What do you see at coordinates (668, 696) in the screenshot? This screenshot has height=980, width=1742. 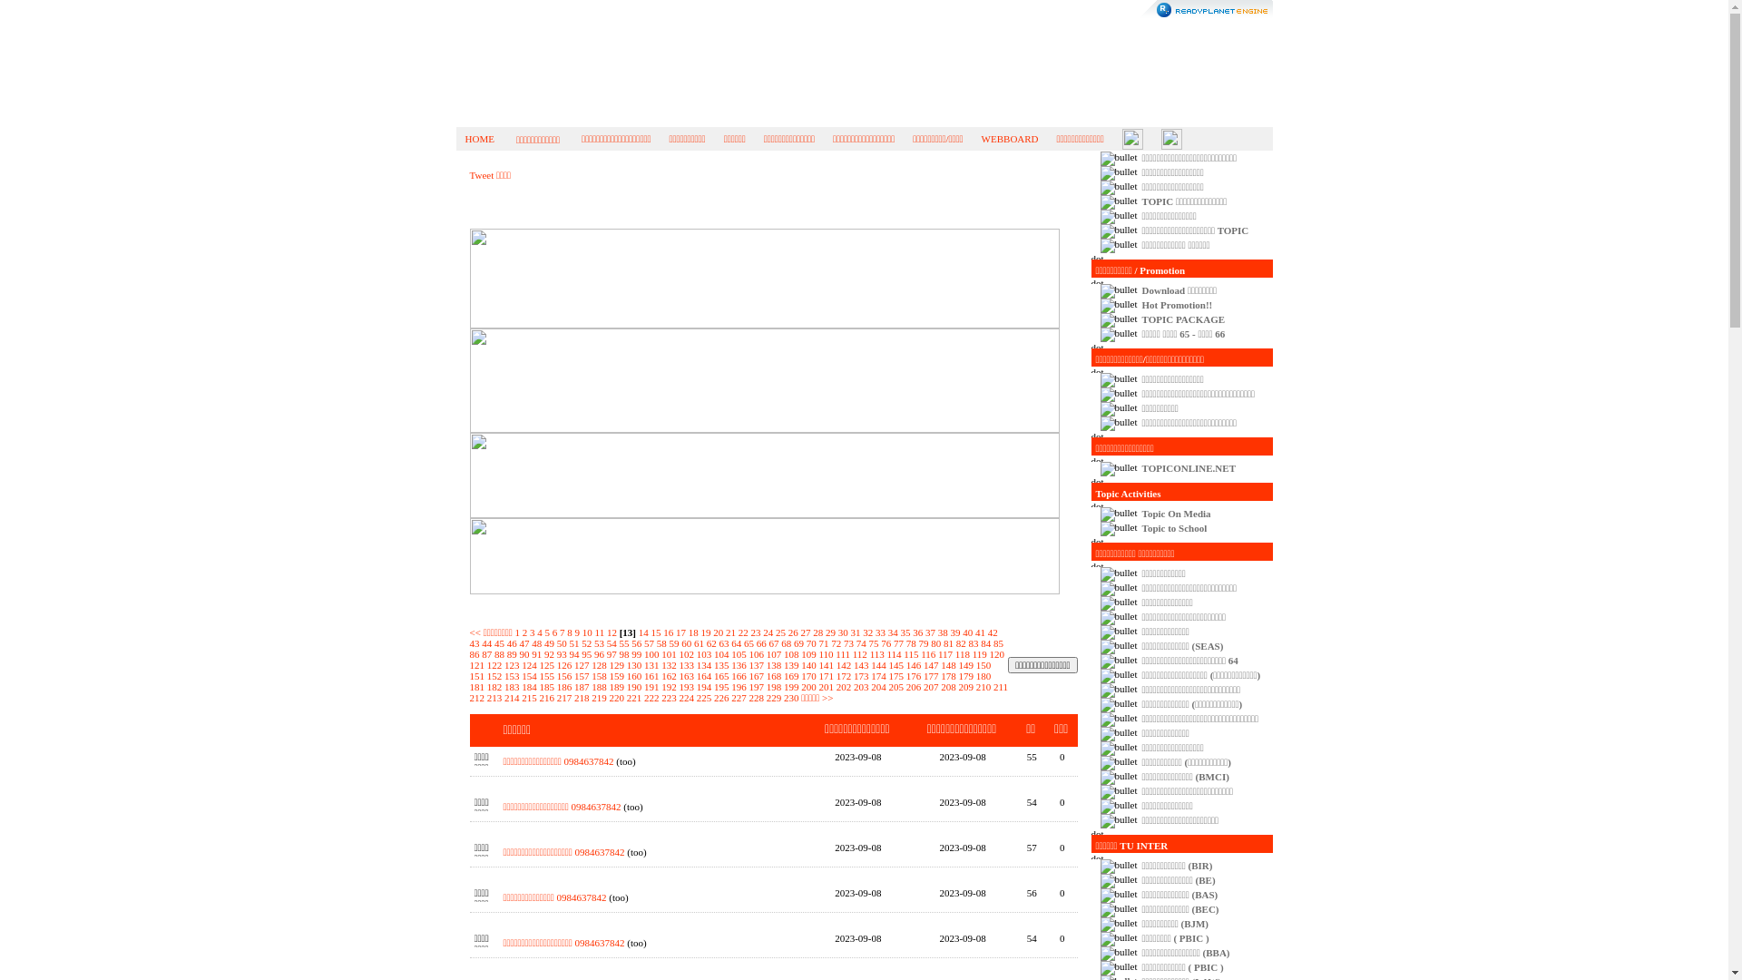 I see `'223'` at bounding box center [668, 696].